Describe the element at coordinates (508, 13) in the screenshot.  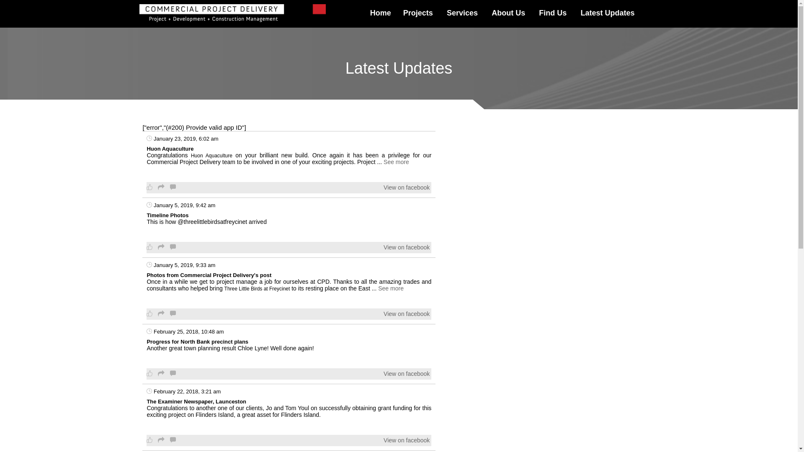
I see `'About Us'` at that location.